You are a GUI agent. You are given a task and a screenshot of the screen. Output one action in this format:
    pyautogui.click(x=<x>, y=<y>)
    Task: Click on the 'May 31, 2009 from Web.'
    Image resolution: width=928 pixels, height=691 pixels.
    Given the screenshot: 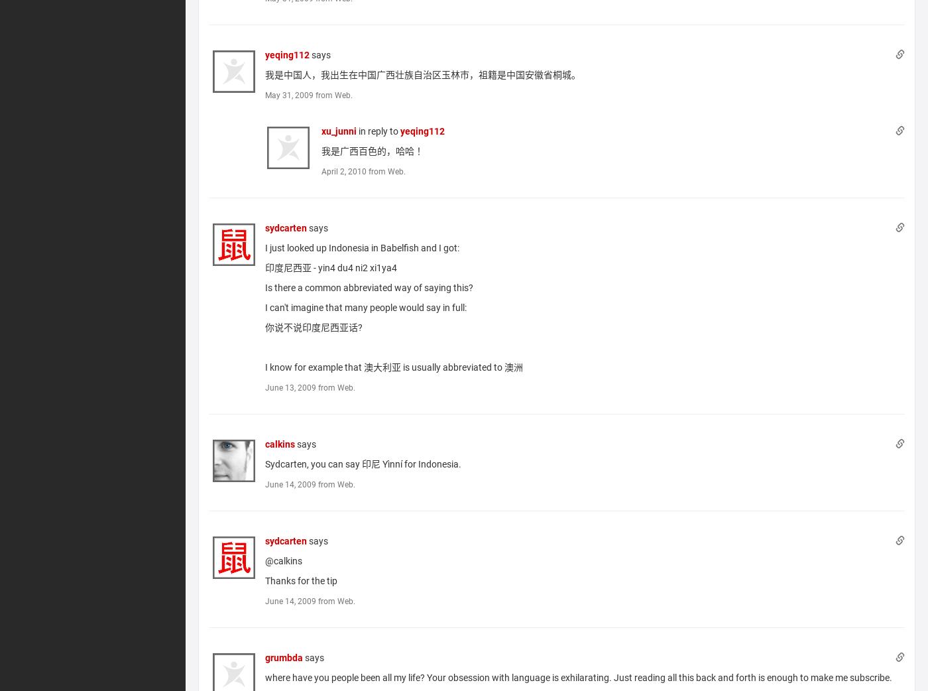 What is the action you would take?
    pyautogui.click(x=309, y=94)
    